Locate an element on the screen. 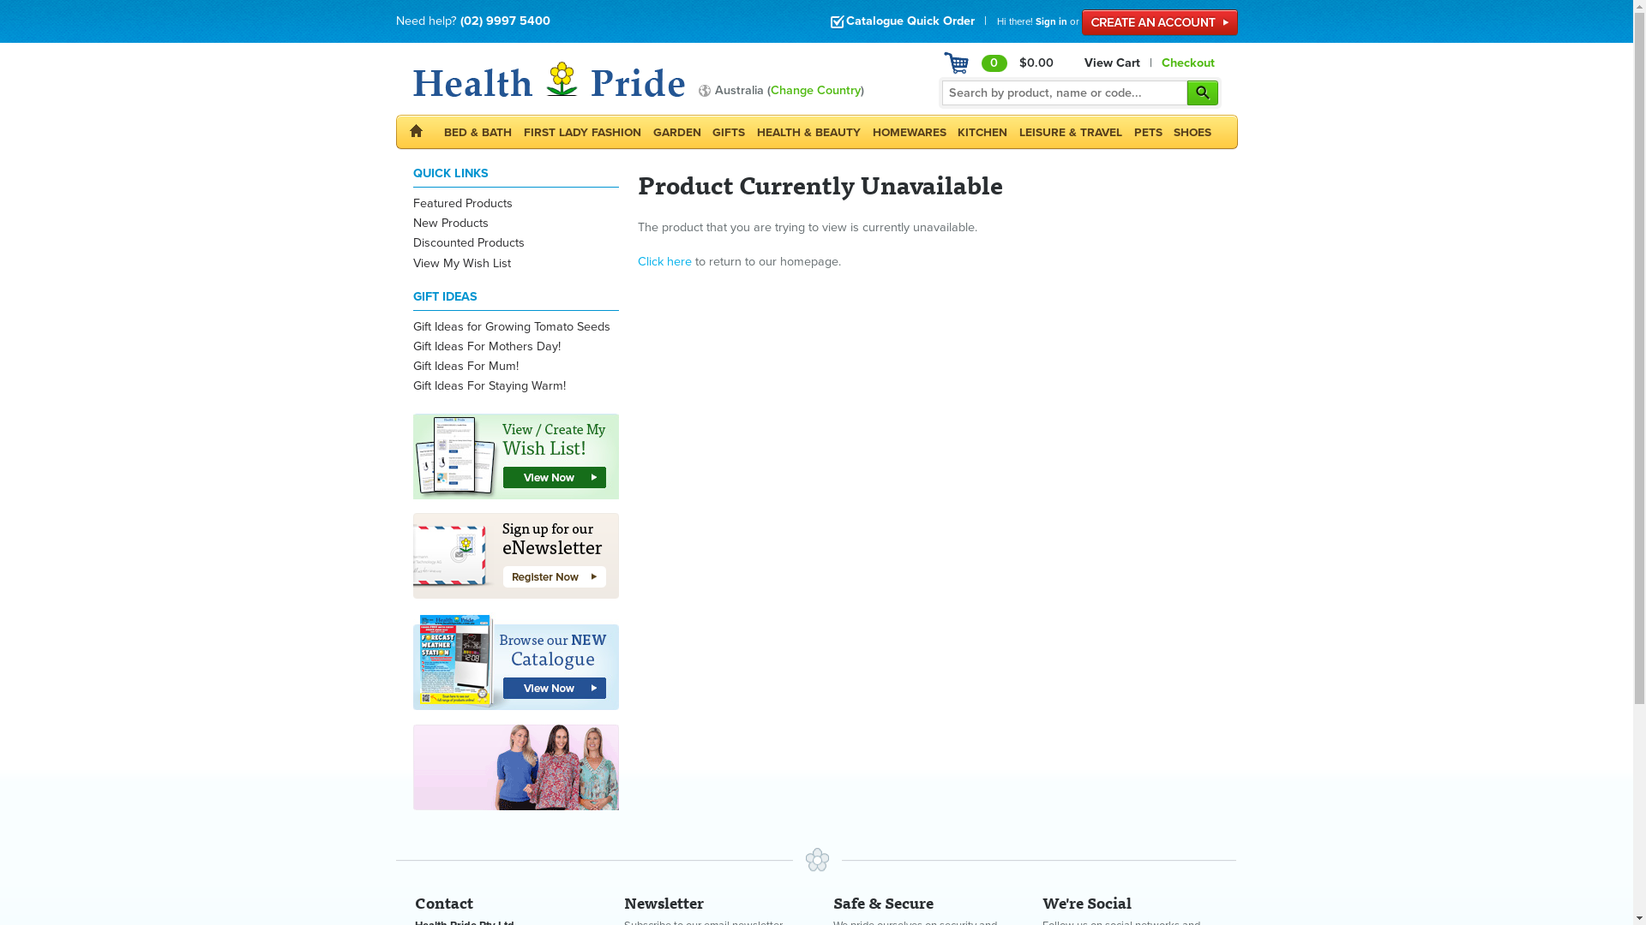 This screenshot has width=1646, height=925. 'Sign in' is located at coordinates (1050, 21).